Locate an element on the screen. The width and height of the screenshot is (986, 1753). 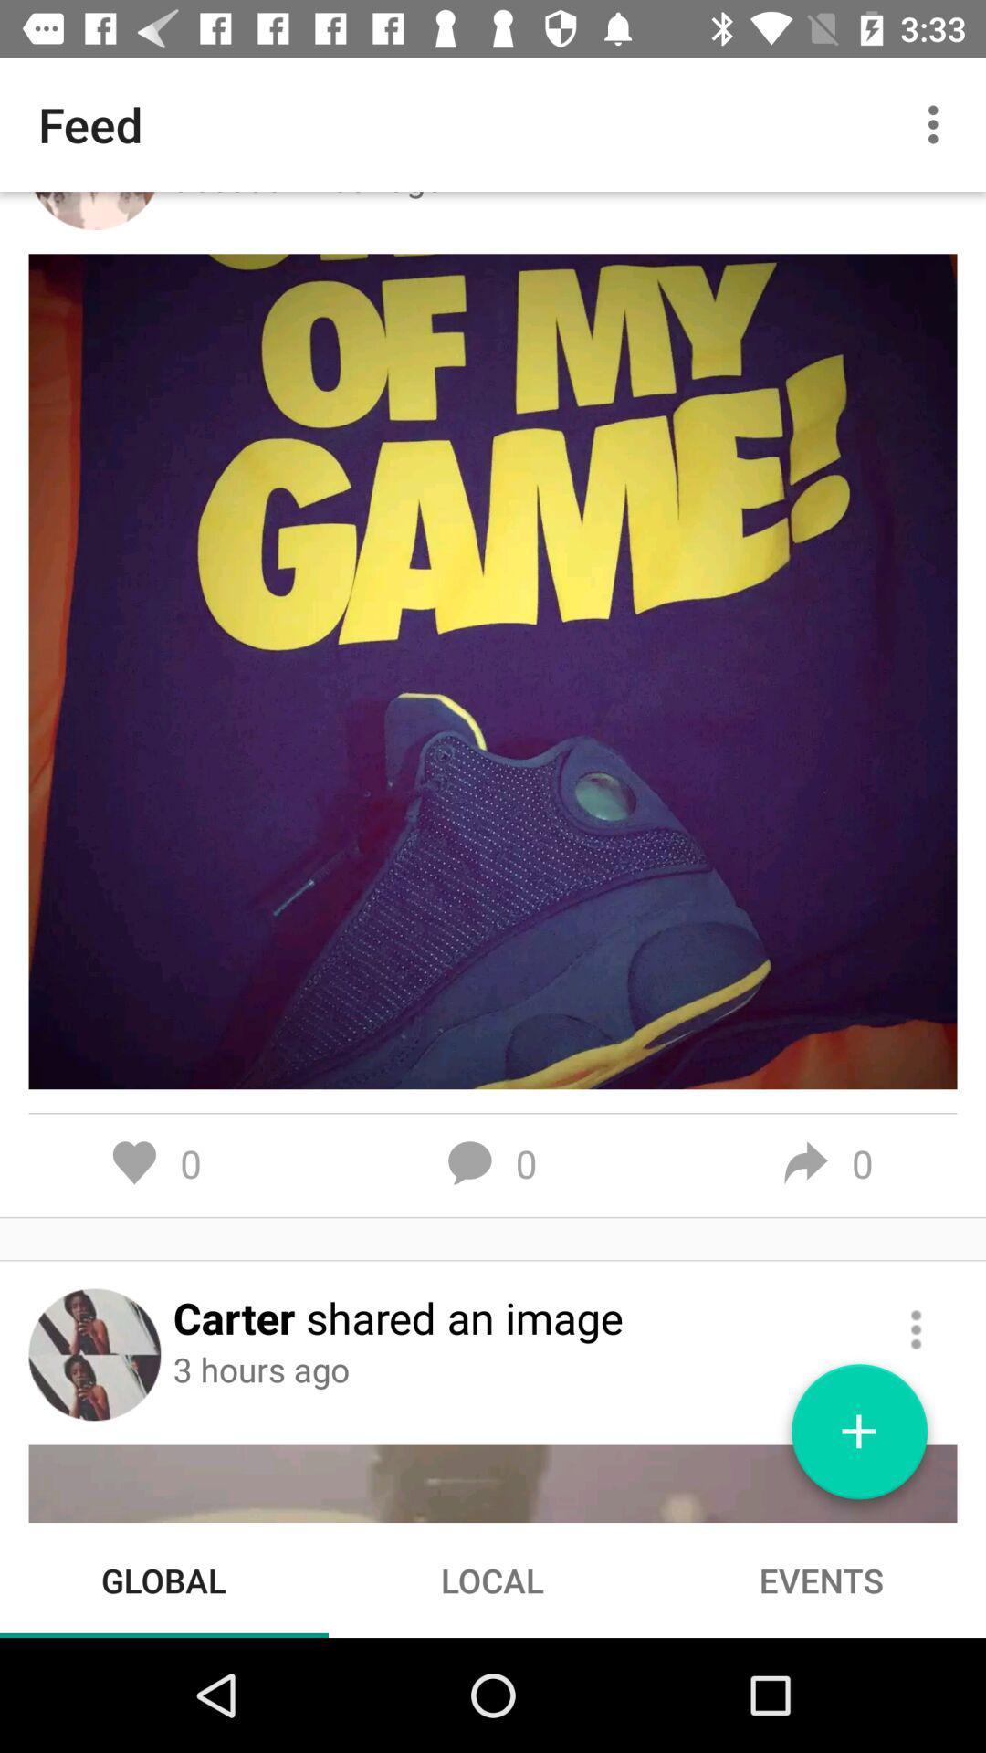
click the profile is located at coordinates (94, 1354).